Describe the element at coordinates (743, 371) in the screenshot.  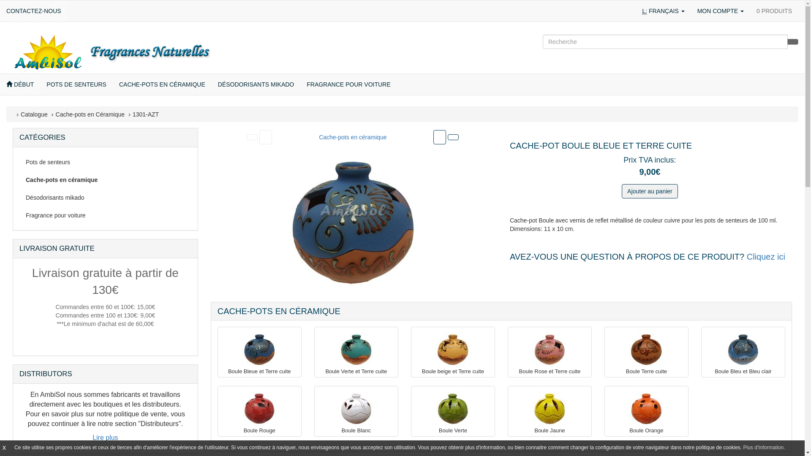
I see `'Boule Bleu et Bleu clair'` at that location.